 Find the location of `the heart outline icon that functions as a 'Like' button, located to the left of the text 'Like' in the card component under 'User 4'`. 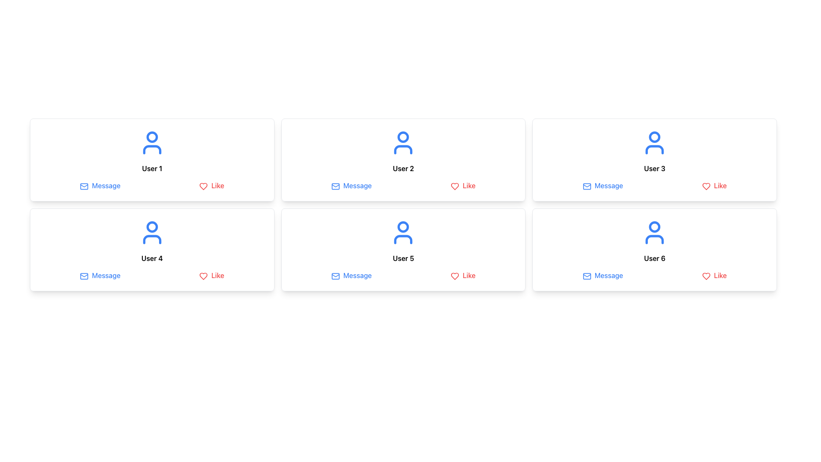

the heart outline icon that functions as a 'Like' button, located to the left of the text 'Like' in the card component under 'User 4' is located at coordinates (203, 276).